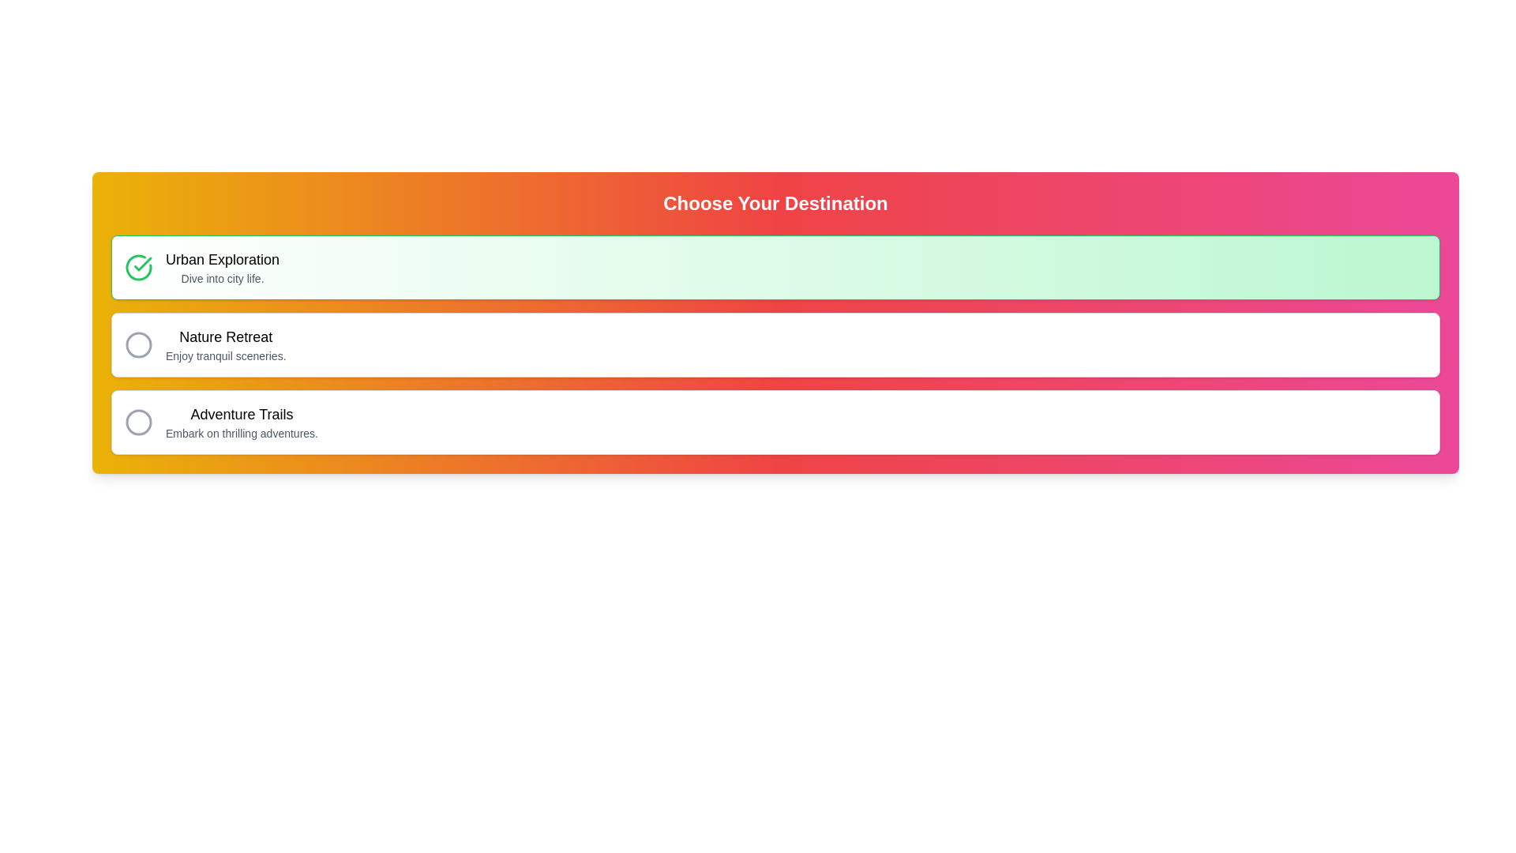 This screenshot has width=1516, height=853. Describe the element at coordinates (222, 278) in the screenshot. I see `descriptive subtitle text element located beneath the main title 'Urban Exploration.'` at that location.